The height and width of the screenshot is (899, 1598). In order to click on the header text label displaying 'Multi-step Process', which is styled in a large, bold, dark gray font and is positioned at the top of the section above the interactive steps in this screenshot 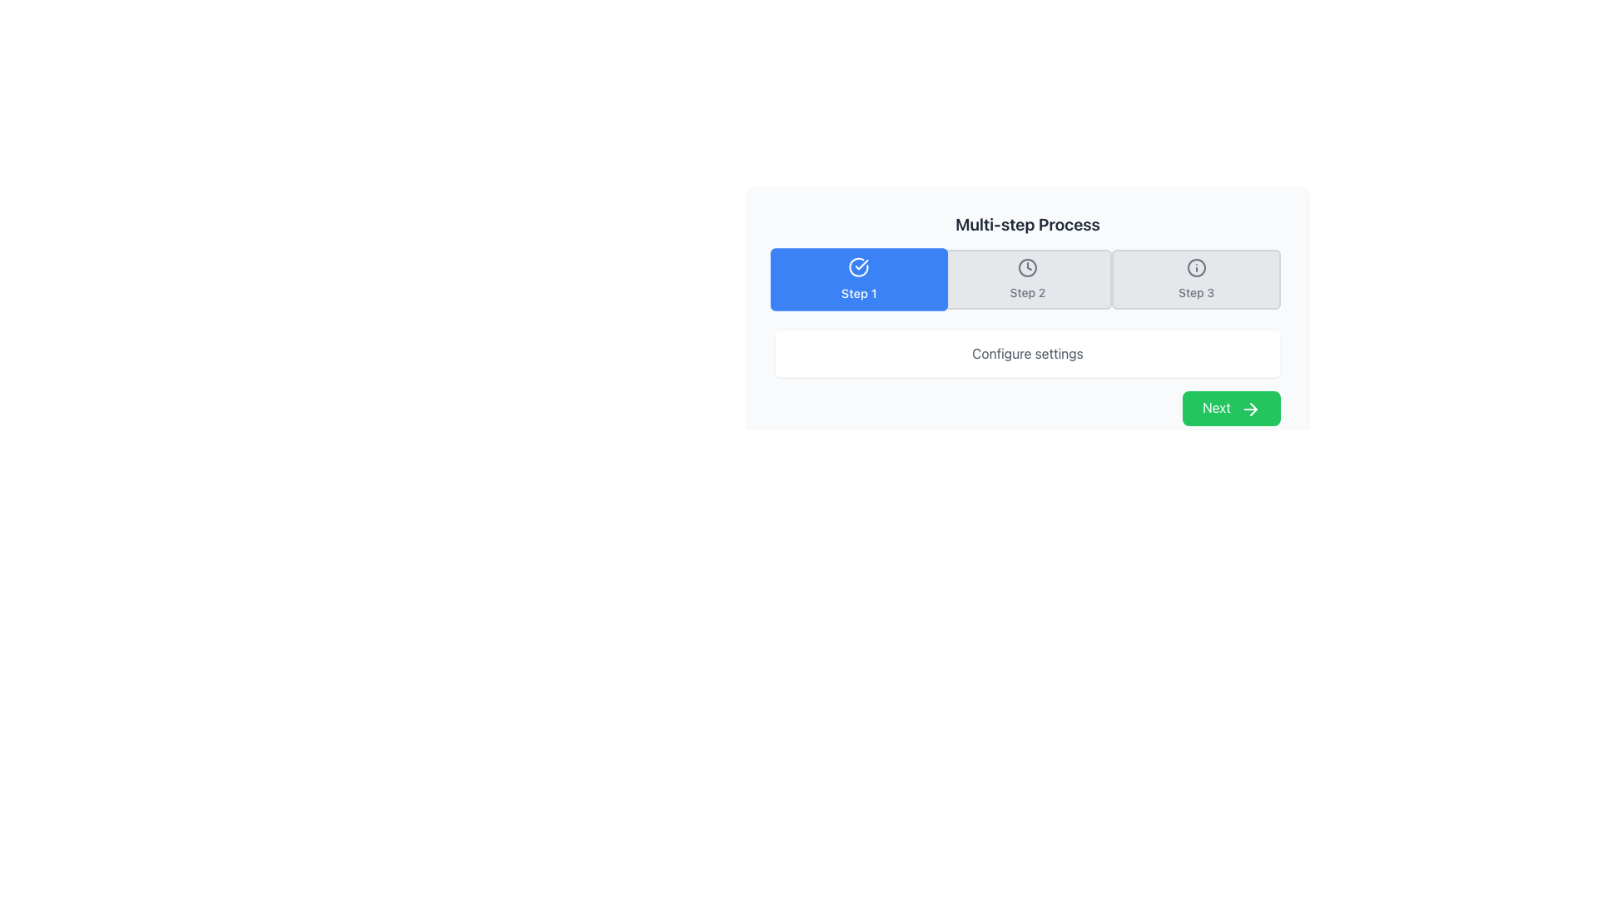, I will do `click(1026, 225)`.